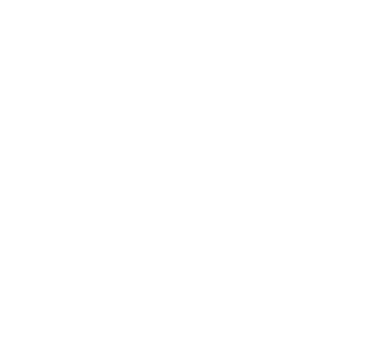 This screenshot has width=377, height=361. What do you see at coordinates (79, 212) in the screenshot?
I see `'Meeting and event planners book Desi today!'` at bounding box center [79, 212].